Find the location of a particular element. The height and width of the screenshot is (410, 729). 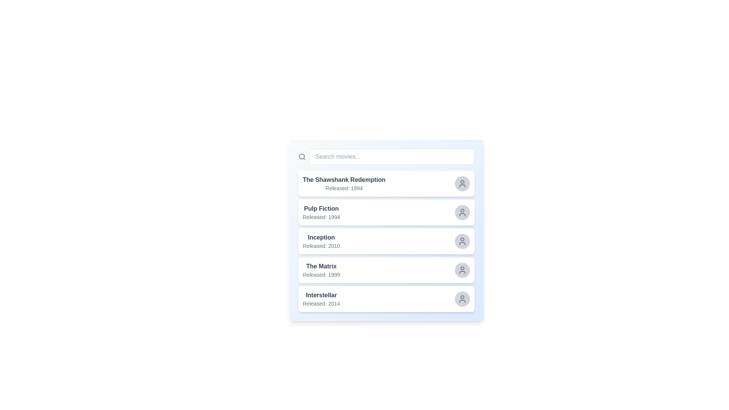

the informative text block titled 'Pulp Fiction' which displays the release year 'Released: 1994' and is center-aligned in a dark gray font on a white background is located at coordinates (321, 212).